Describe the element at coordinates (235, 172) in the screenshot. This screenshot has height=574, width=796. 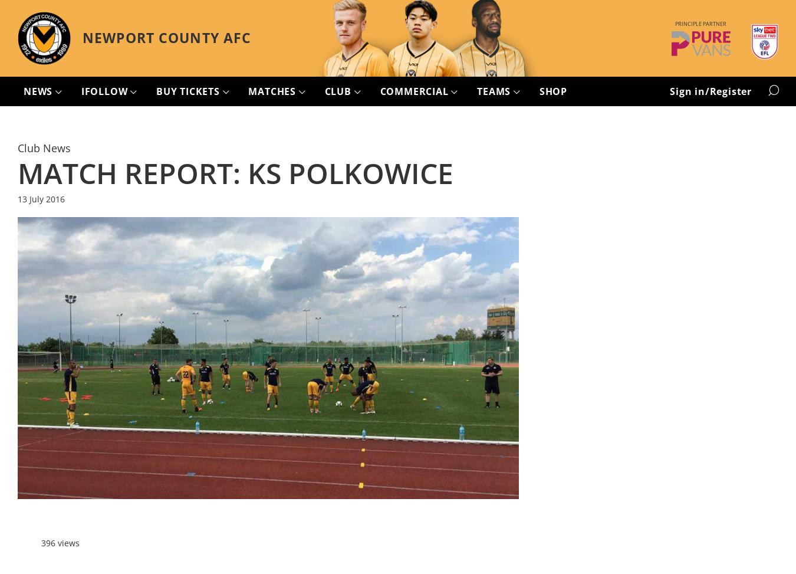
I see `'MATCH REPORT: KS POLKOWICE'` at that location.